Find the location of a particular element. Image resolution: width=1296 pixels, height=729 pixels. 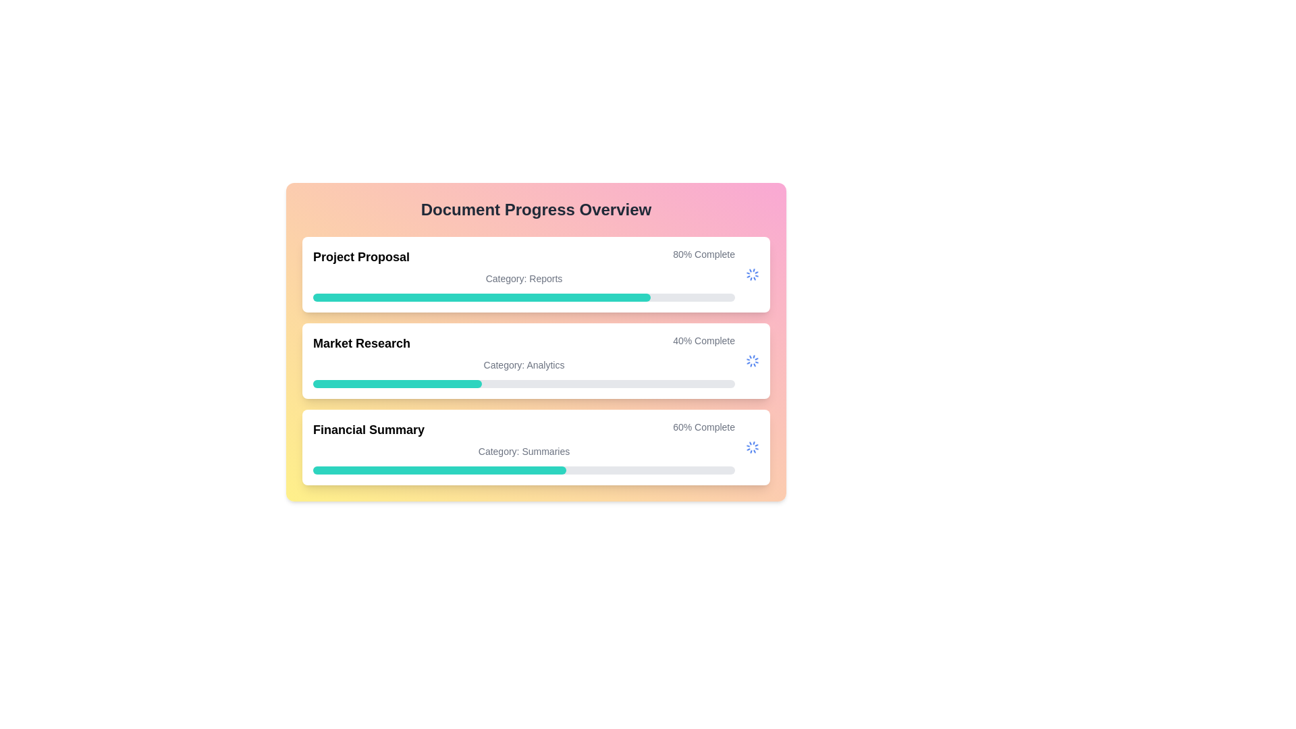

'Category: Analytics' text label, which is centrally located beneath the '40% Complete' text and above the progress bar in the 'Market Research' section is located at coordinates (523, 364).